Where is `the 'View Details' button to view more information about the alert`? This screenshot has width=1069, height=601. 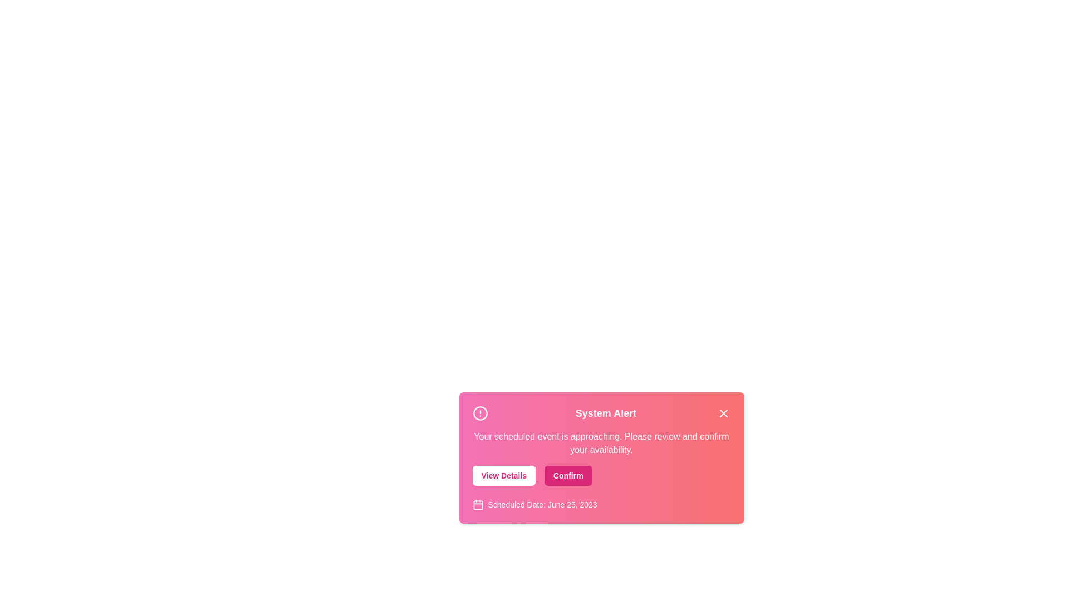
the 'View Details' button to view more information about the alert is located at coordinates (503, 476).